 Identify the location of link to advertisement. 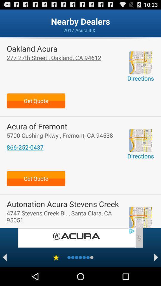
(76, 238).